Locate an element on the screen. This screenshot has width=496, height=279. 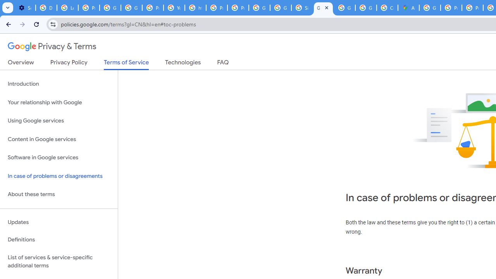
'Learn how to find your photos - Google Photos Help' is located at coordinates (67, 8).